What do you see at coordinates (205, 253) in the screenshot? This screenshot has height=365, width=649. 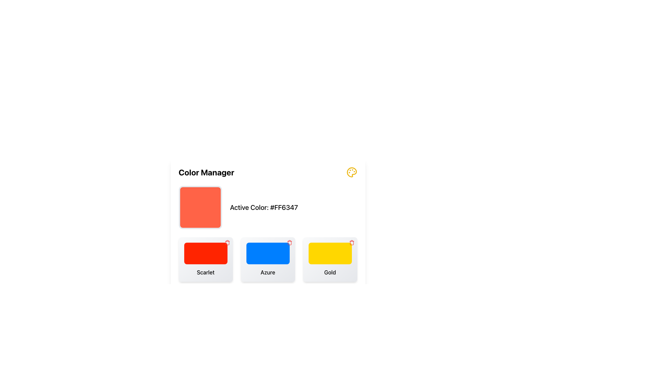 I see `the Color Swatch labeled 'Scarlet' for accessibility navigation` at bounding box center [205, 253].